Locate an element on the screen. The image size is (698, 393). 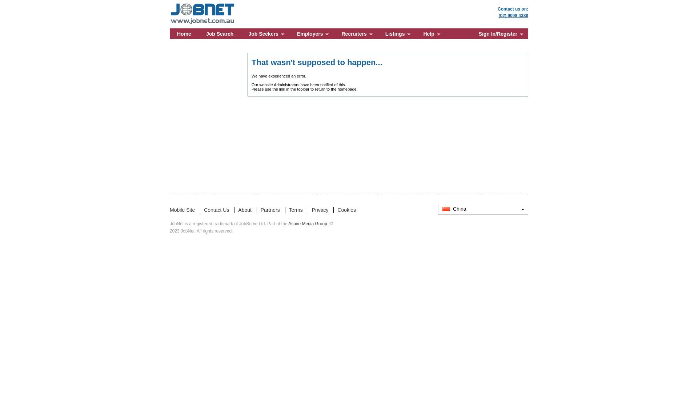
'Cookies' is located at coordinates (337, 210).